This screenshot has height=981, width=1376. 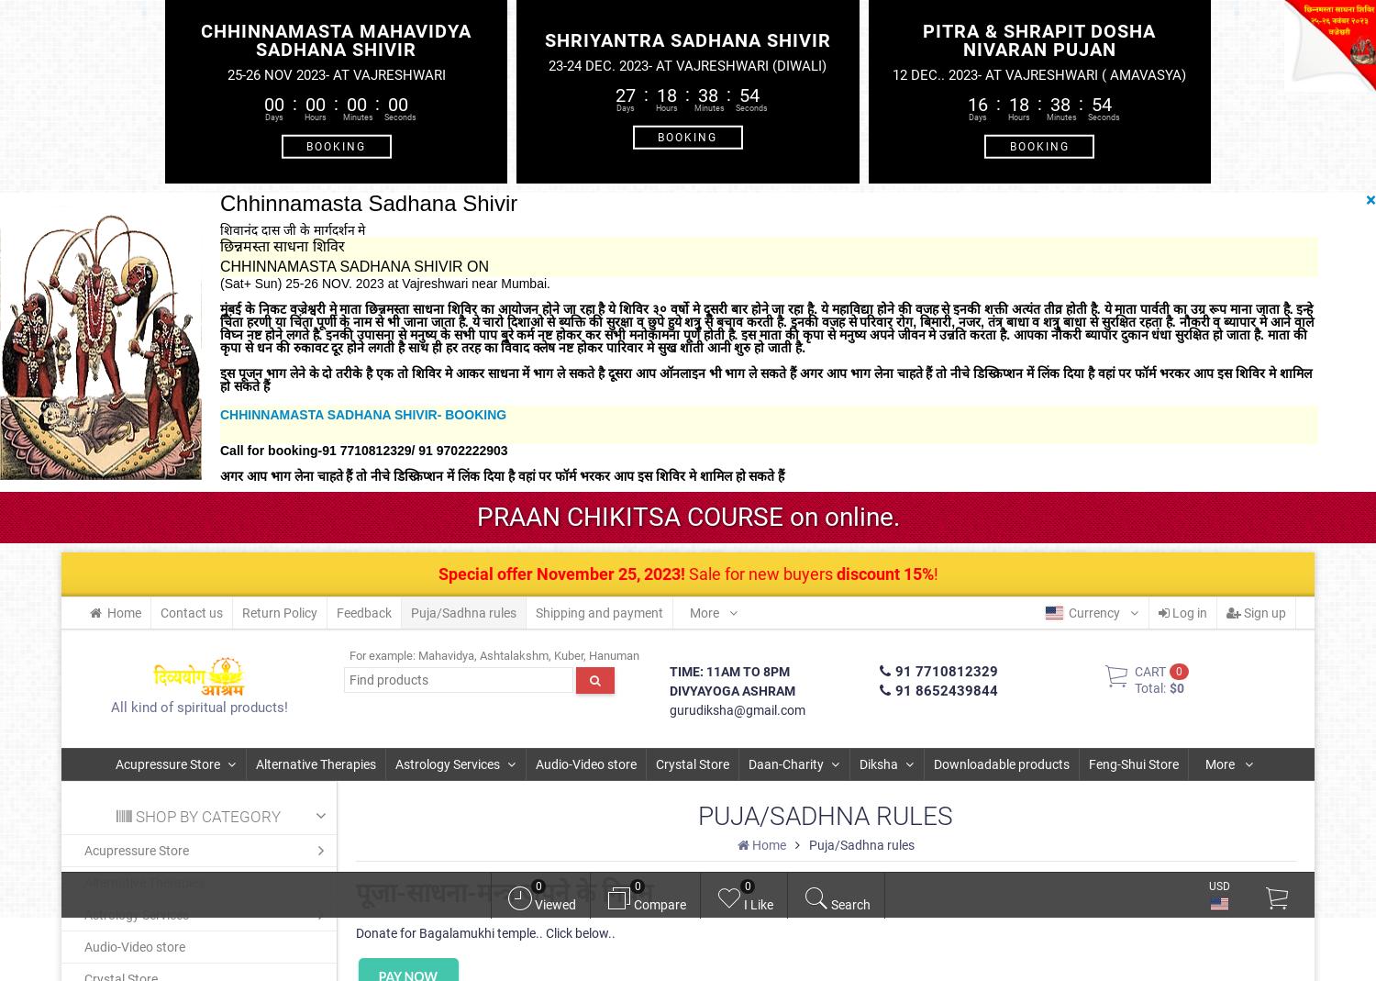 What do you see at coordinates (685, 38) in the screenshot?
I see `'SHRIYANTRA SADHANA SHIVIR'` at bounding box center [685, 38].